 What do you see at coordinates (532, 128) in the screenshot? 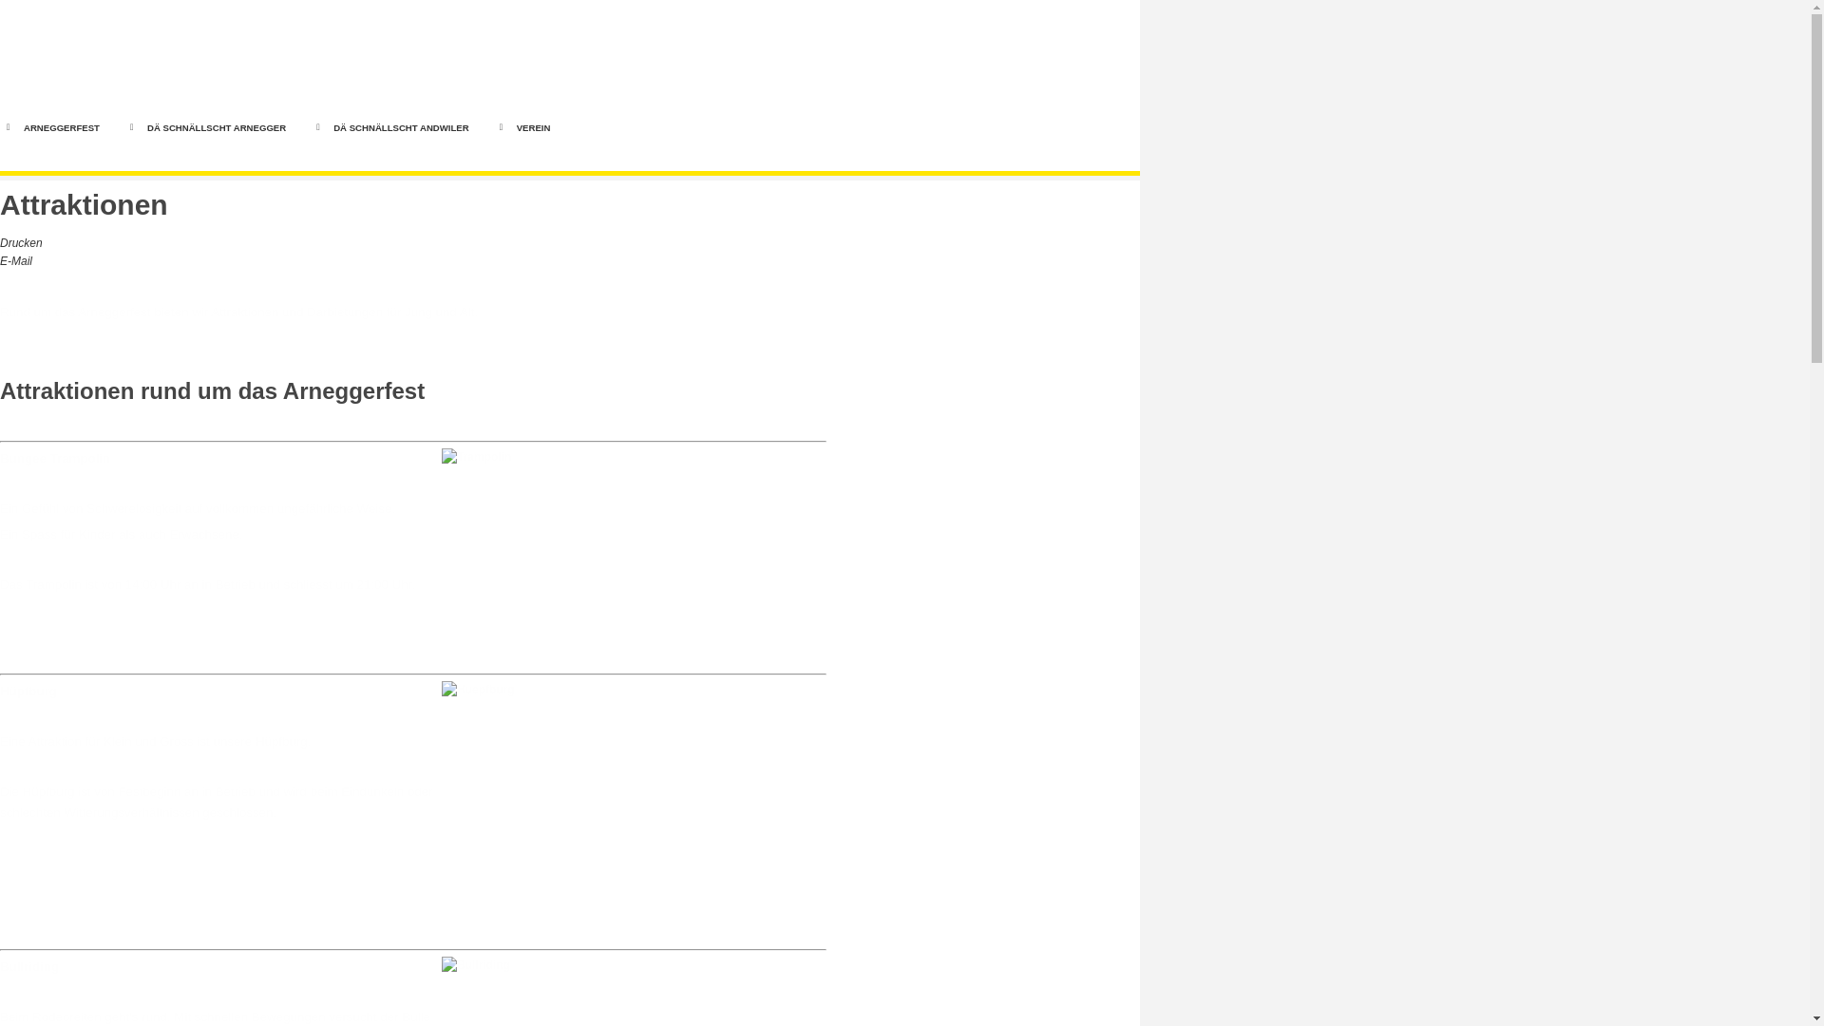
I see `'VEREIN'` at bounding box center [532, 128].